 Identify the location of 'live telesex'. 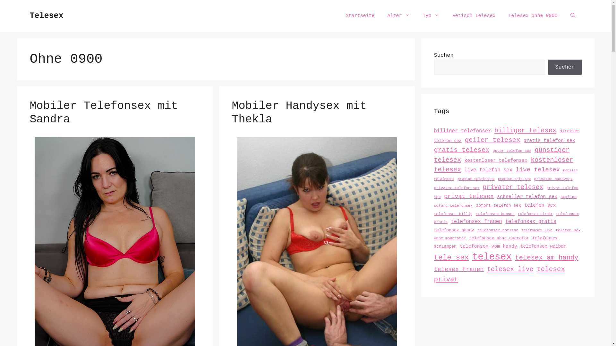
(516, 169).